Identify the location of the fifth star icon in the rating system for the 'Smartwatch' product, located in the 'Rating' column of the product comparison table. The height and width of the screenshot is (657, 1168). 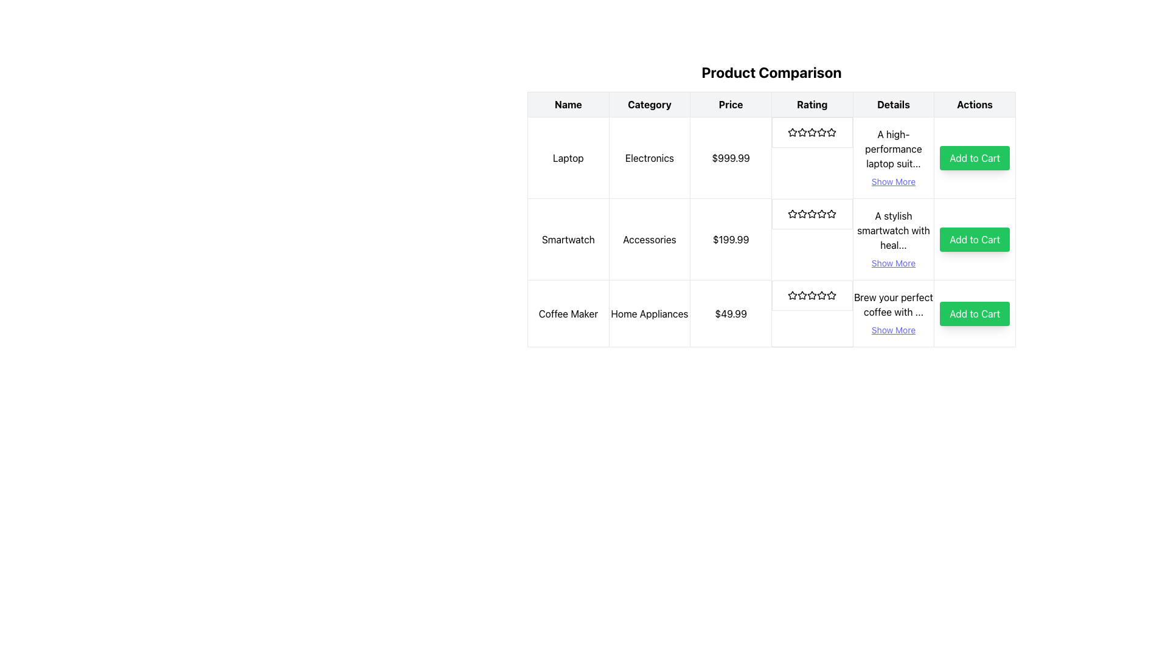
(831, 213).